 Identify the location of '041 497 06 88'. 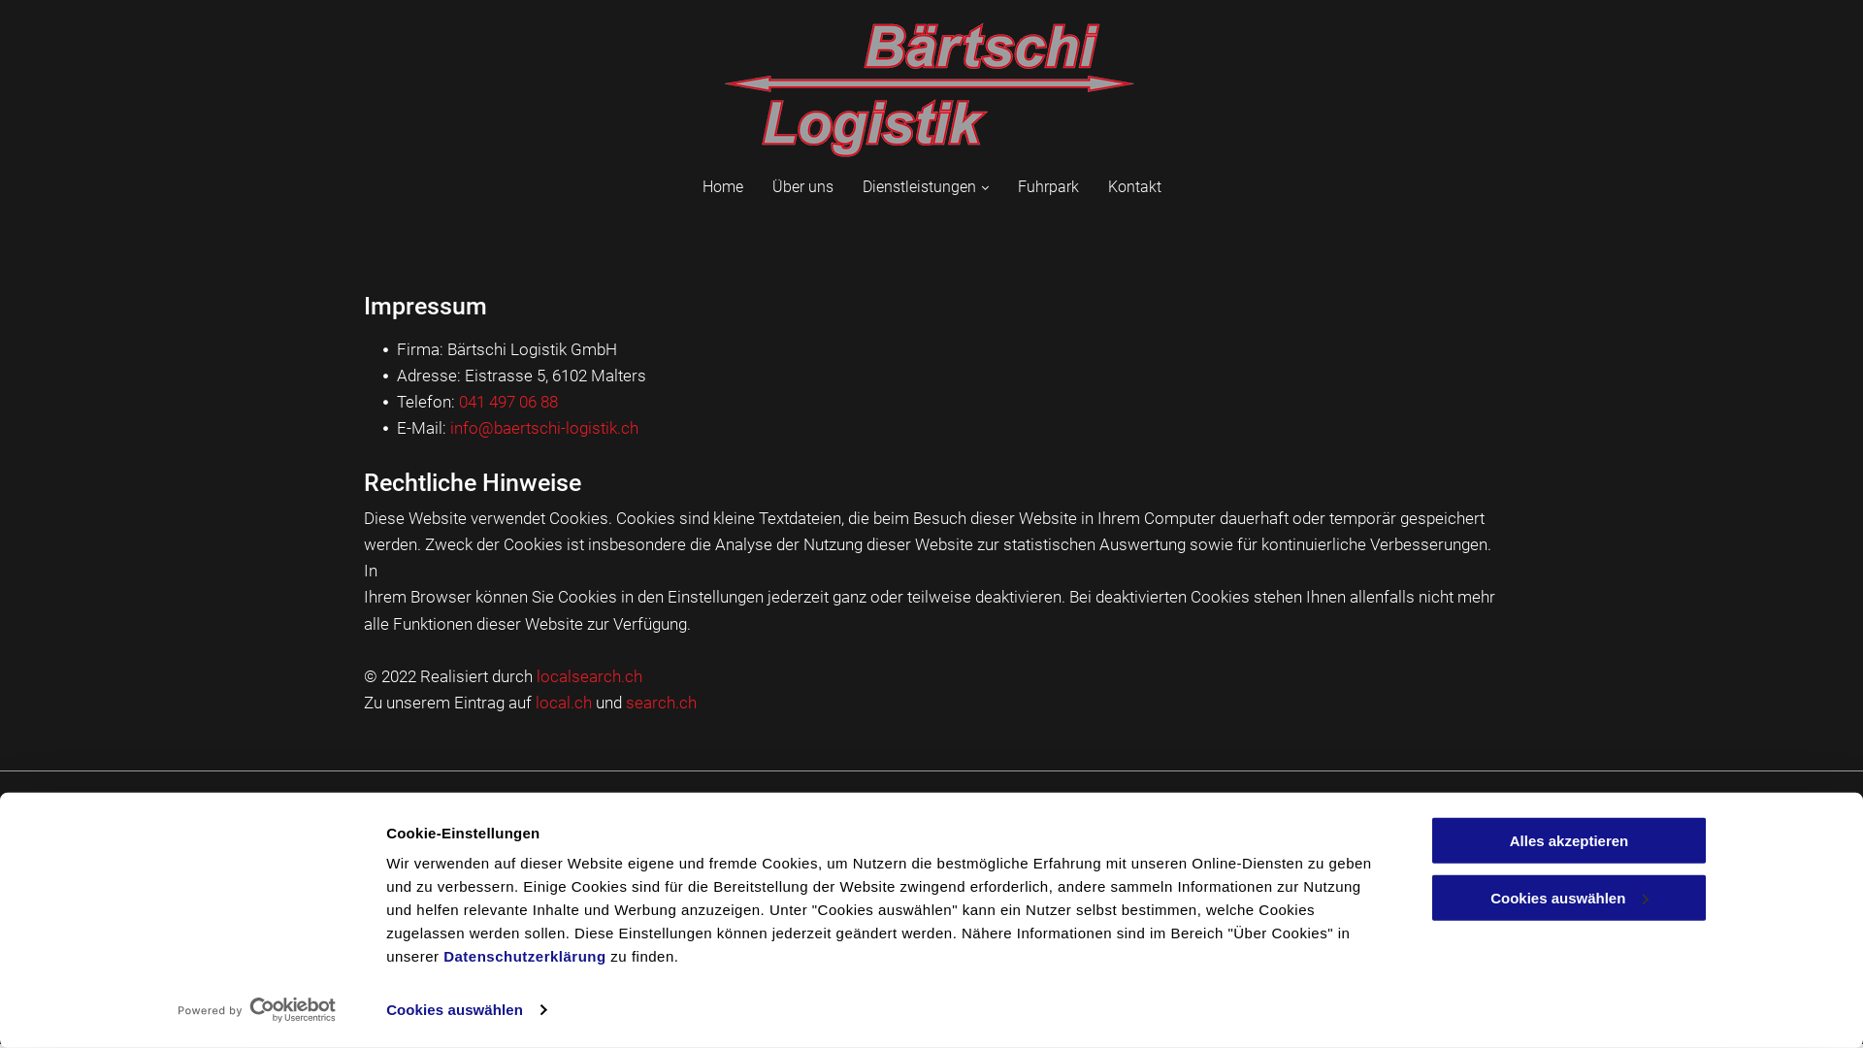
(458, 400).